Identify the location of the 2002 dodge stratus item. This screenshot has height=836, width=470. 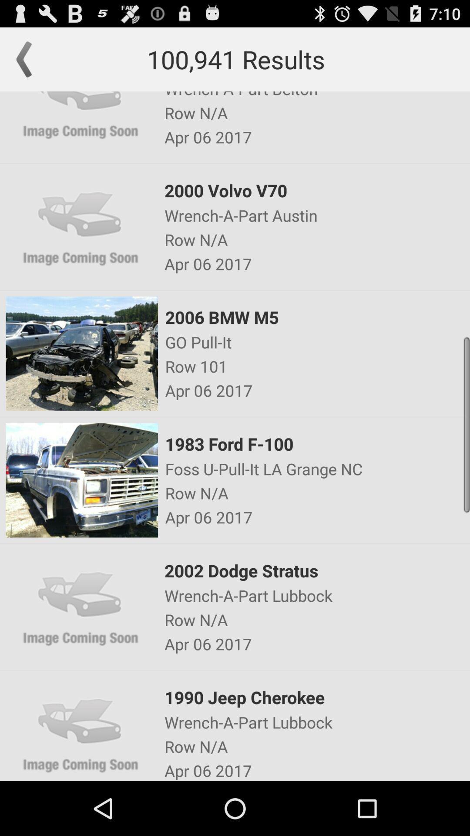
(316, 570).